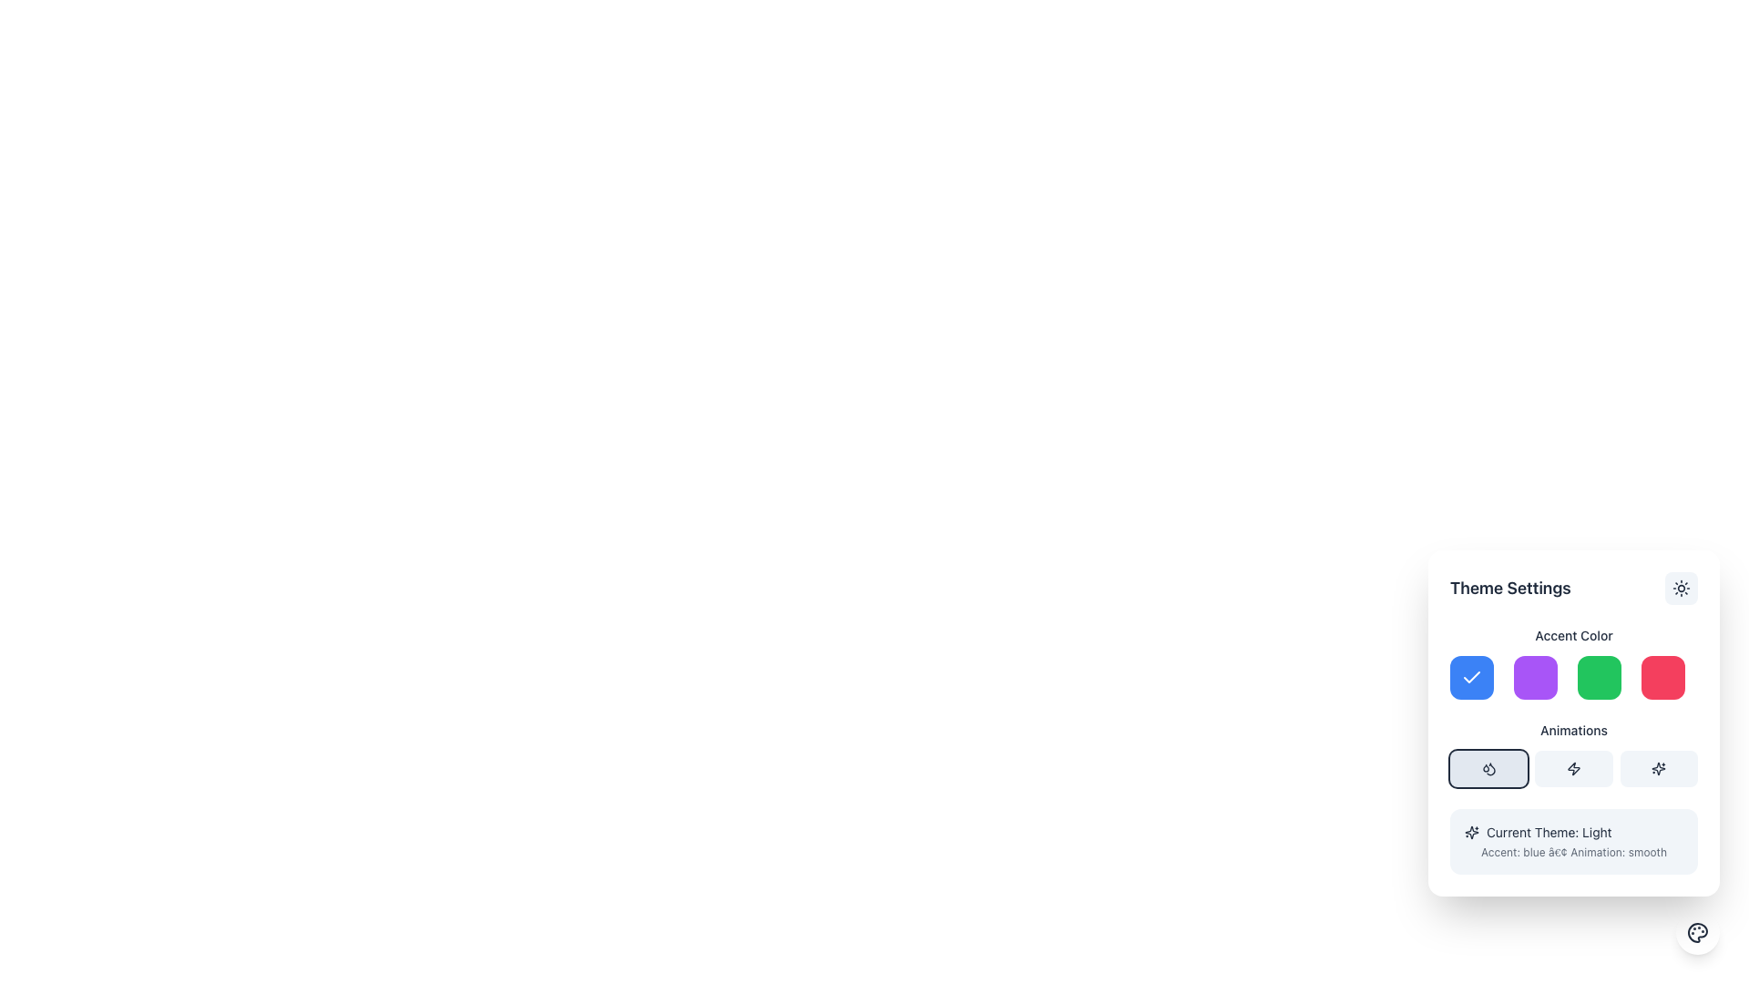 This screenshot has height=984, width=1749. What do you see at coordinates (1472, 833) in the screenshot?
I see `the decorative icon located to the left of the text 'Current Theme: Light' in the interface` at bounding box center [1472, 833].